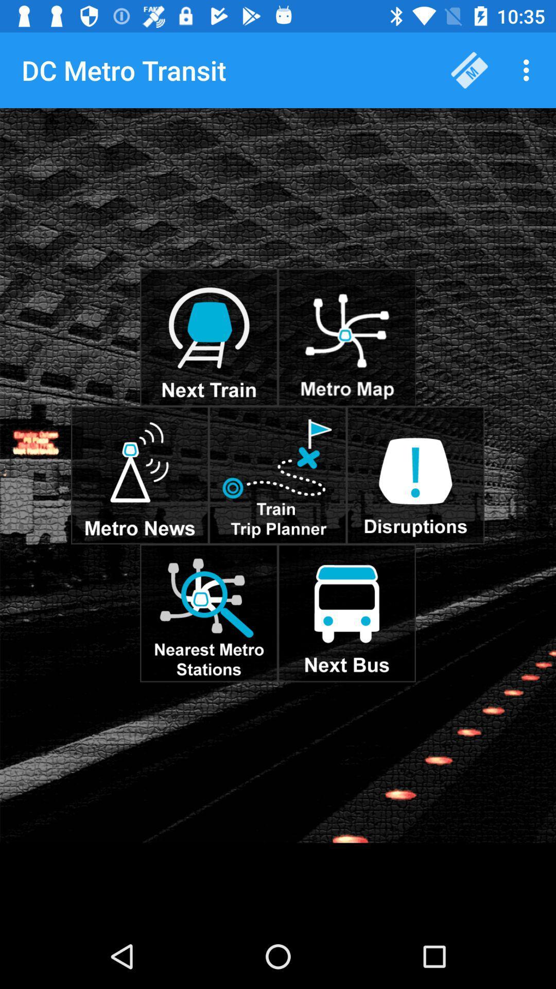 The height and width of the screenshot is (989, 556). I want to click on next but button, so click(346, 613).